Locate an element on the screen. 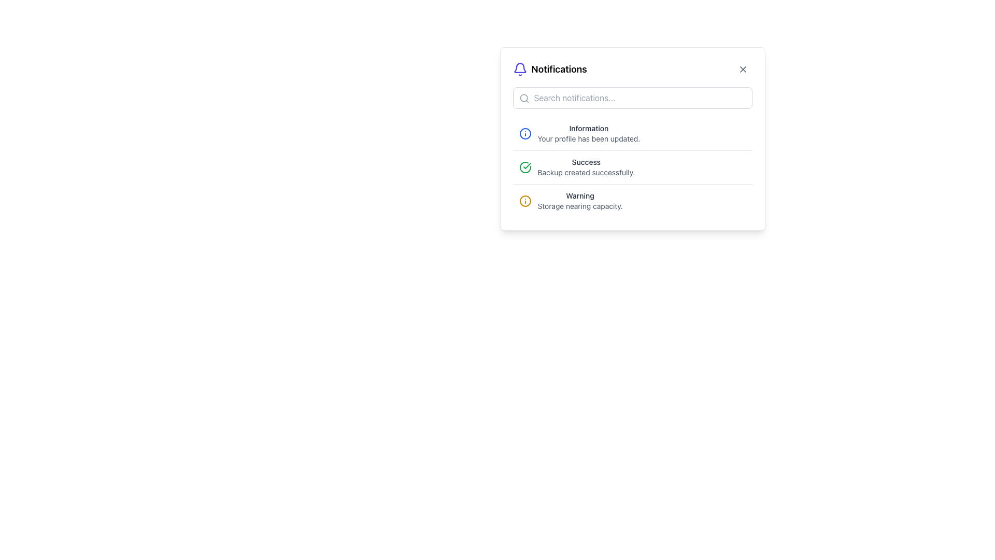 This screenshot has height=560, width=995. the green checkmark icon within the notification item, which indicates a successful action or confirmation is located at coordinates (527, 165).